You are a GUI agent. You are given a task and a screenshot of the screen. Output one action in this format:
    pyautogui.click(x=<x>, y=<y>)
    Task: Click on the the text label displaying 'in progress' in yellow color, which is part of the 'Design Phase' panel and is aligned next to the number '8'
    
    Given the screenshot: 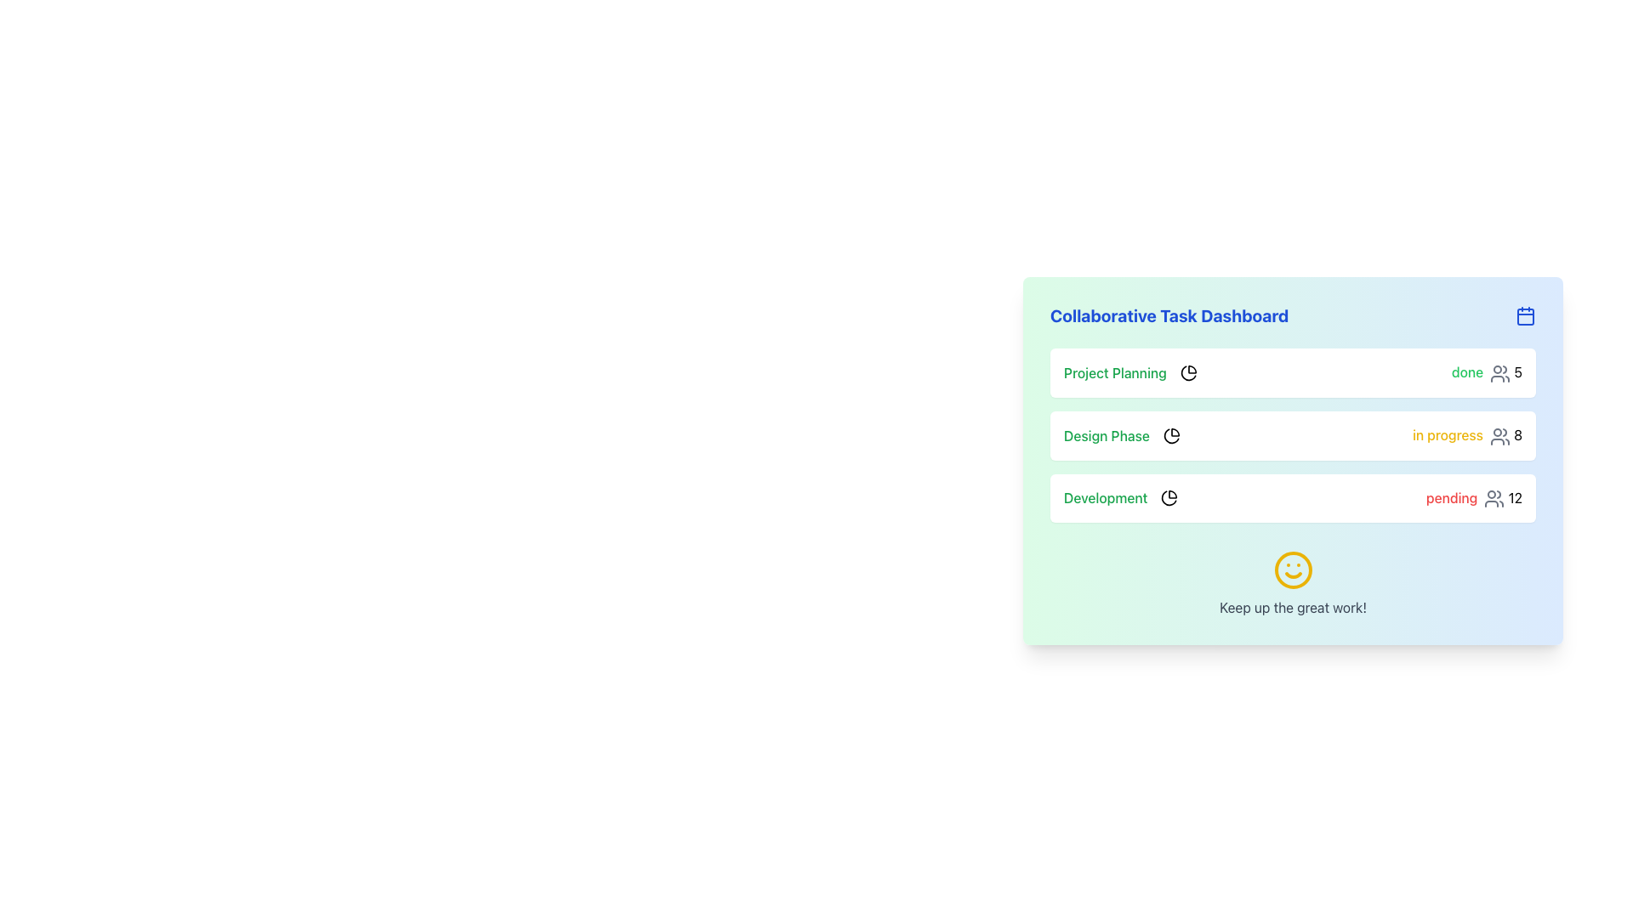 What is the action you would take?
    pyautogui.click(x=1447, y=433)
    